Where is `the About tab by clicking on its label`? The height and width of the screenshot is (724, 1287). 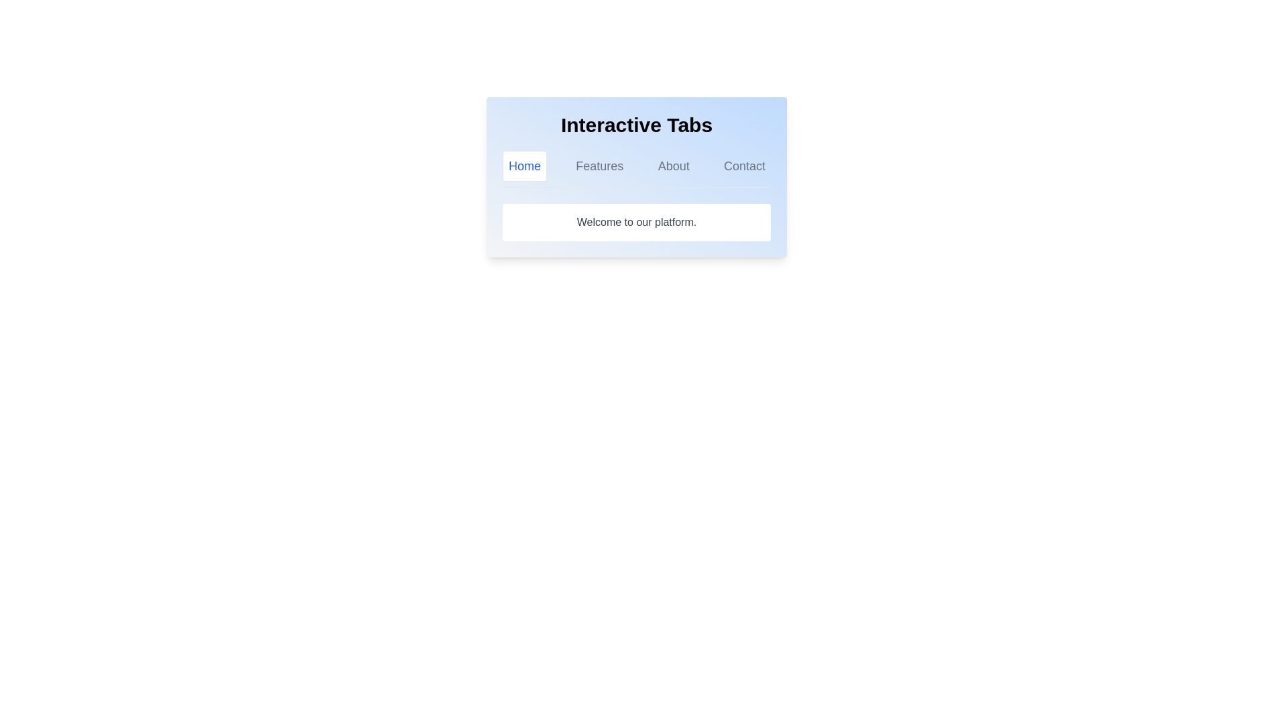 the About tab by clicking on its label is located at coordinates (673, 165).